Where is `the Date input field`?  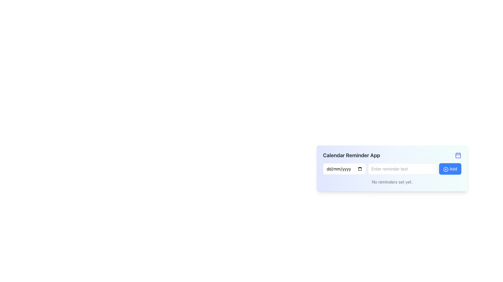 the Date input field is located at coordinates (345, 169).